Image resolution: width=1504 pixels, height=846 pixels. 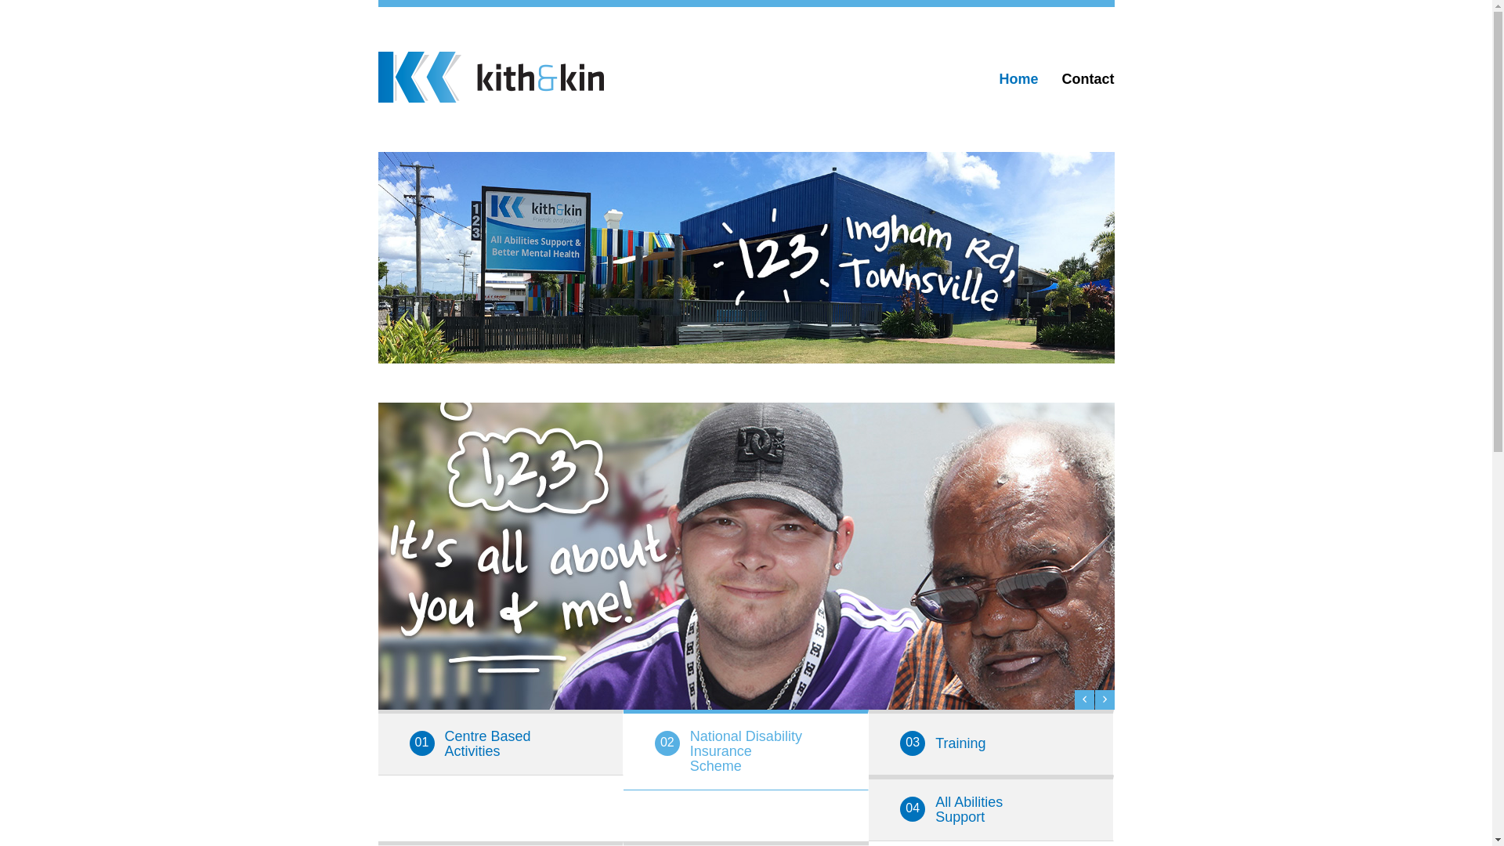 I want to click on '02, so click(x=745, y=749).